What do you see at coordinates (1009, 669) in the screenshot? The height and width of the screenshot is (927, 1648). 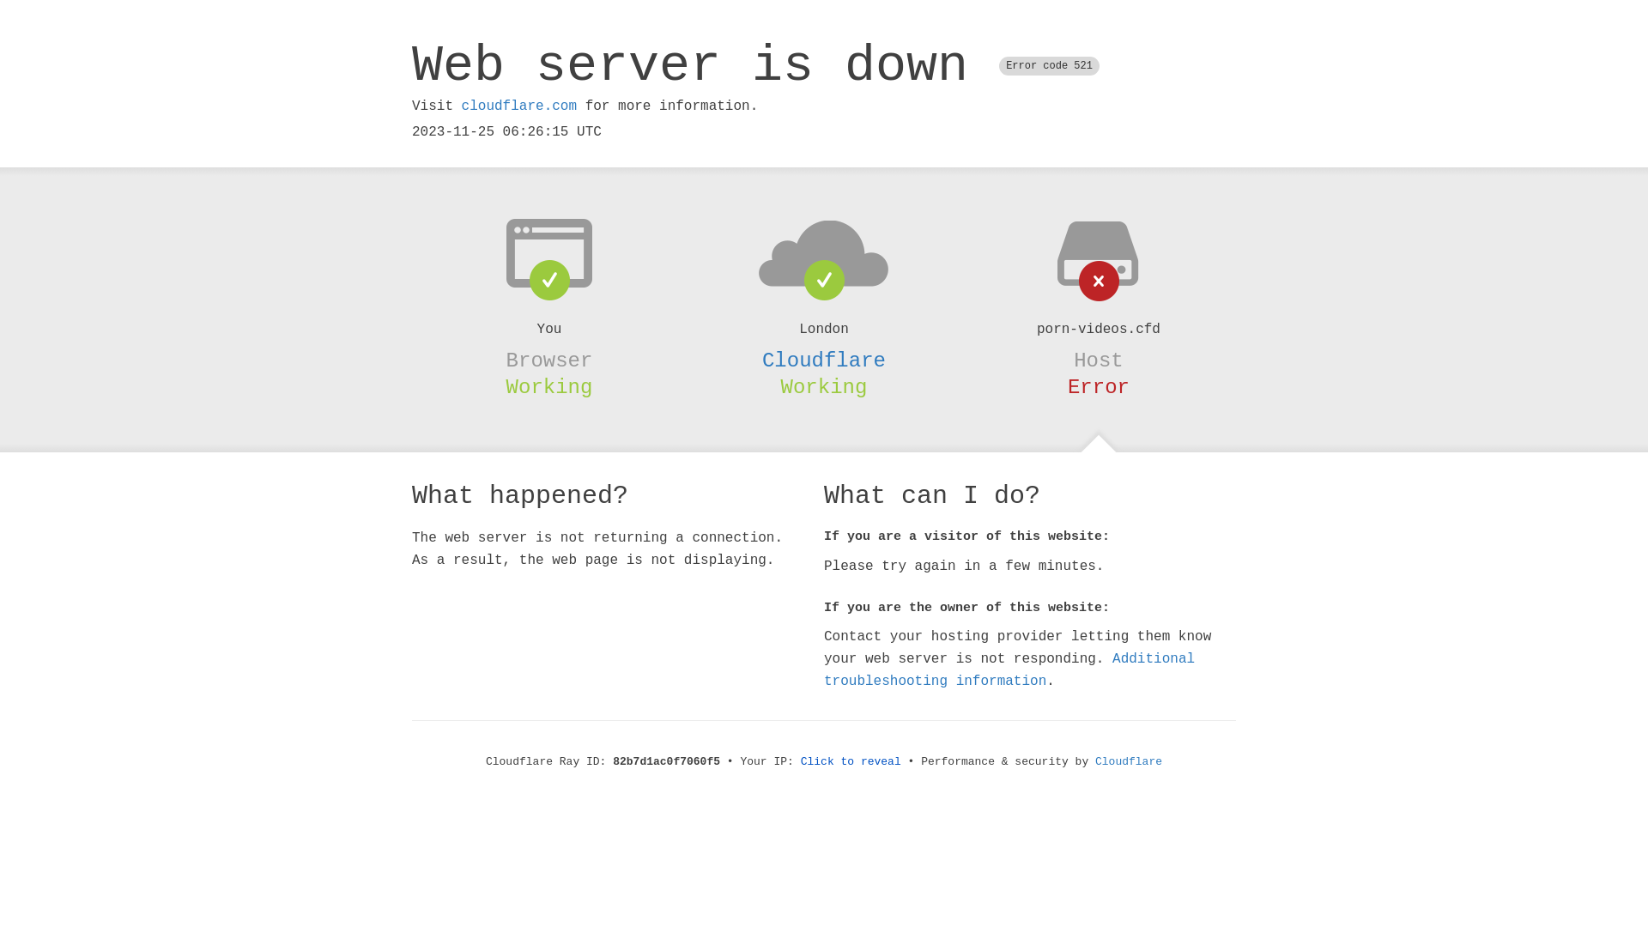 I see `'Additional troubleshooting information'` at bounding box center [1009, 669].